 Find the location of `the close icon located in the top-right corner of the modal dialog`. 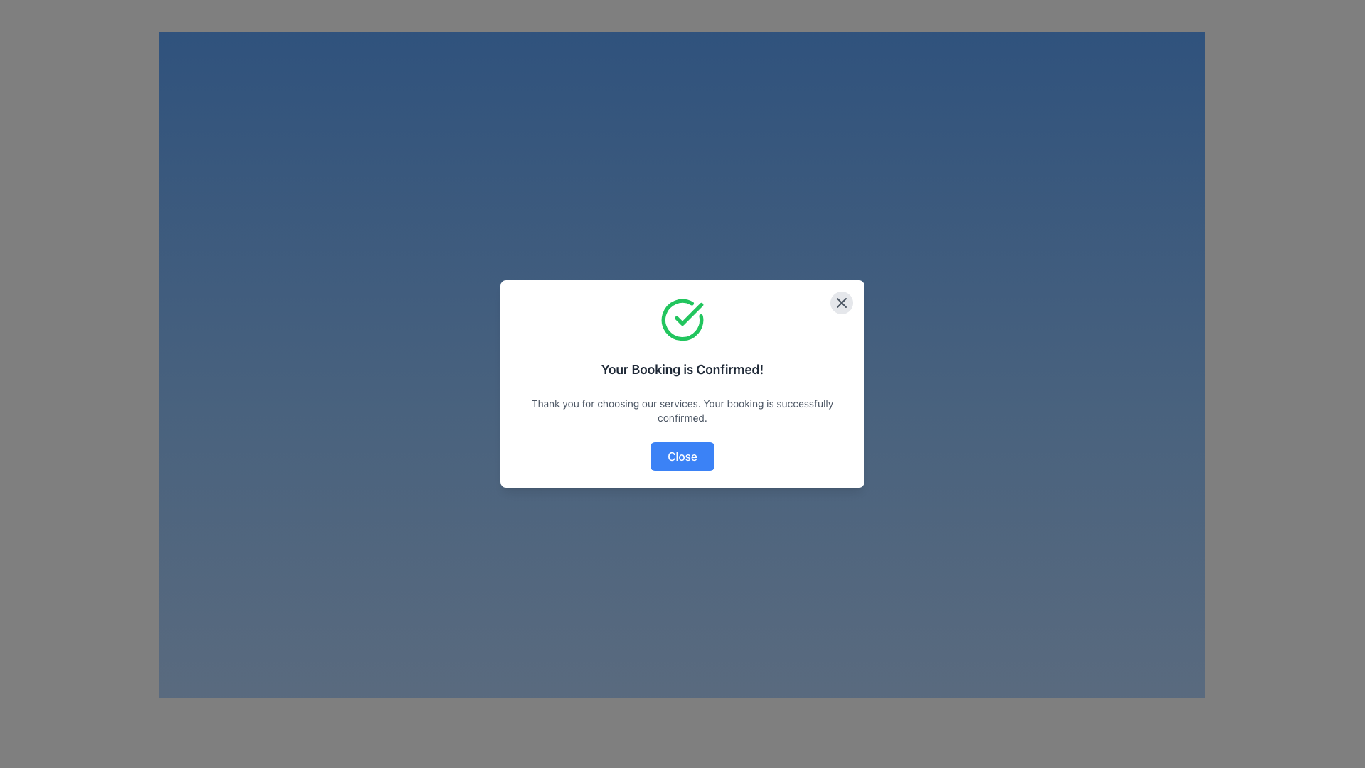

the close icon located in the top-right corner of the modal dialog is located at coordinates (842, 302).